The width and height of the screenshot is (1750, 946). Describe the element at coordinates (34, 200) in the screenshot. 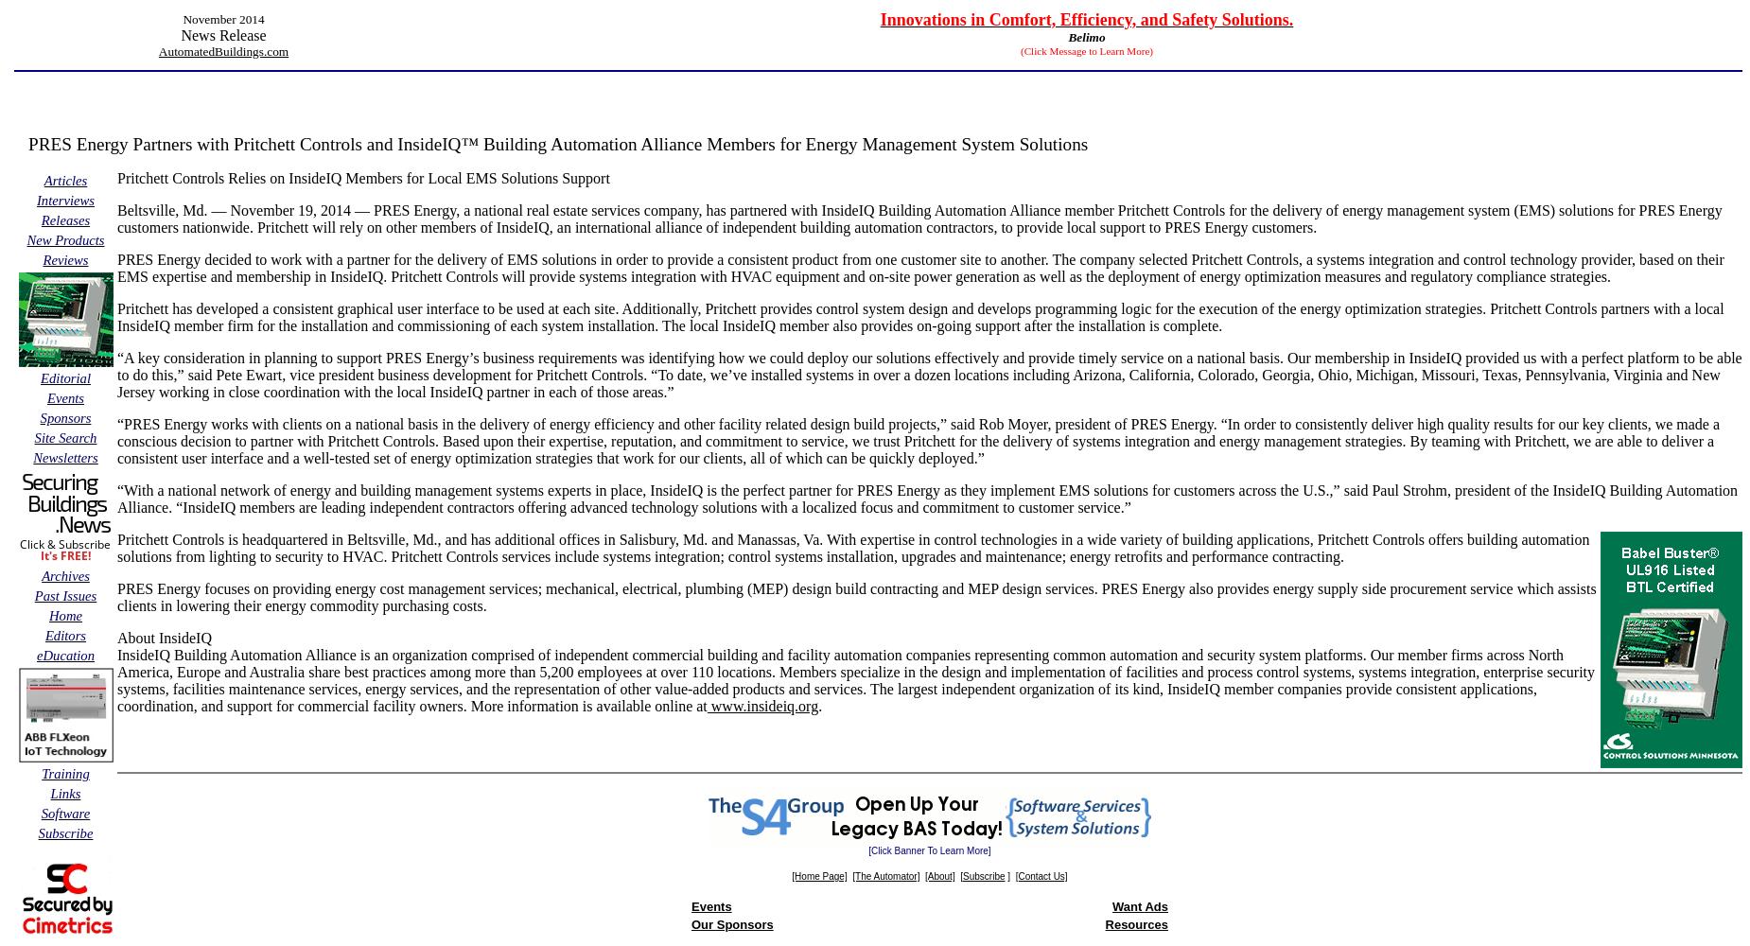

I see `'Interviews'` at that location.